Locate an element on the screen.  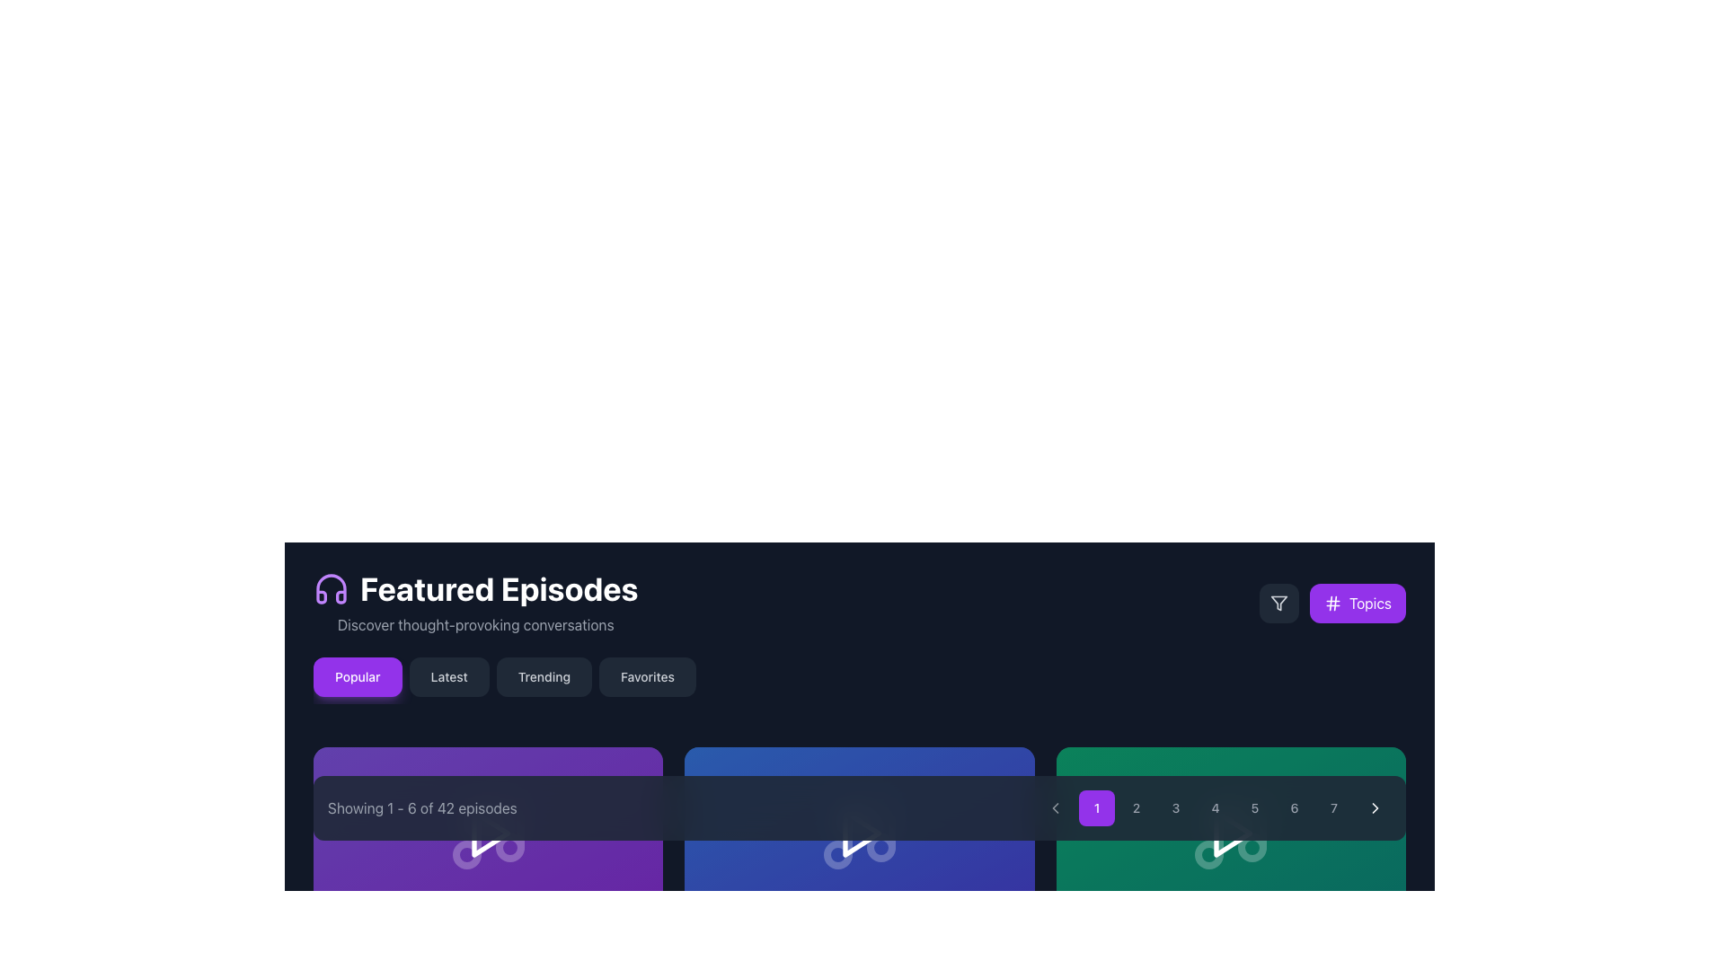
the purple headphone icon positioned next to the 'Featured Episodes' text at the top-left of the dark-themed interface is located at coordinates (332, 588).